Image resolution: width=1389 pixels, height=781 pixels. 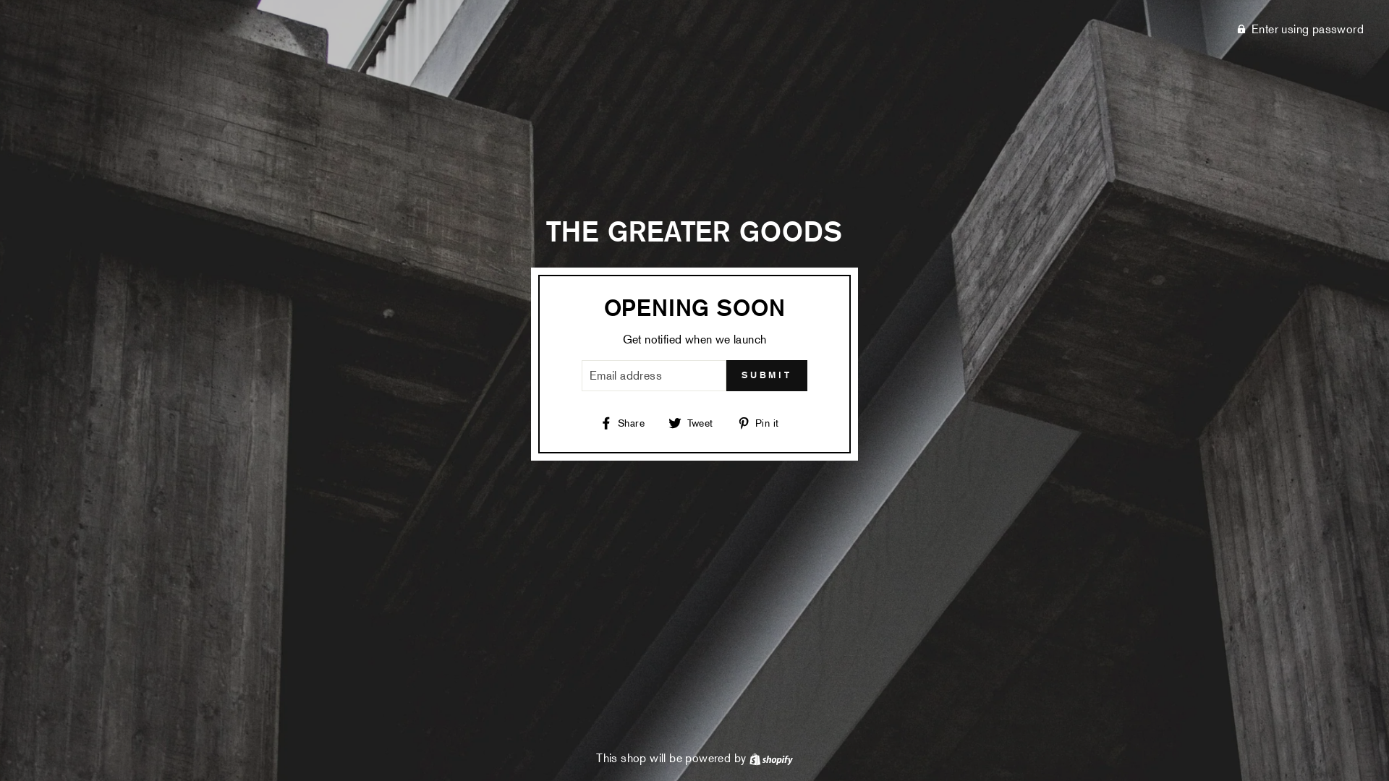 I want to click on 'Share, so click(x=627, y=422).